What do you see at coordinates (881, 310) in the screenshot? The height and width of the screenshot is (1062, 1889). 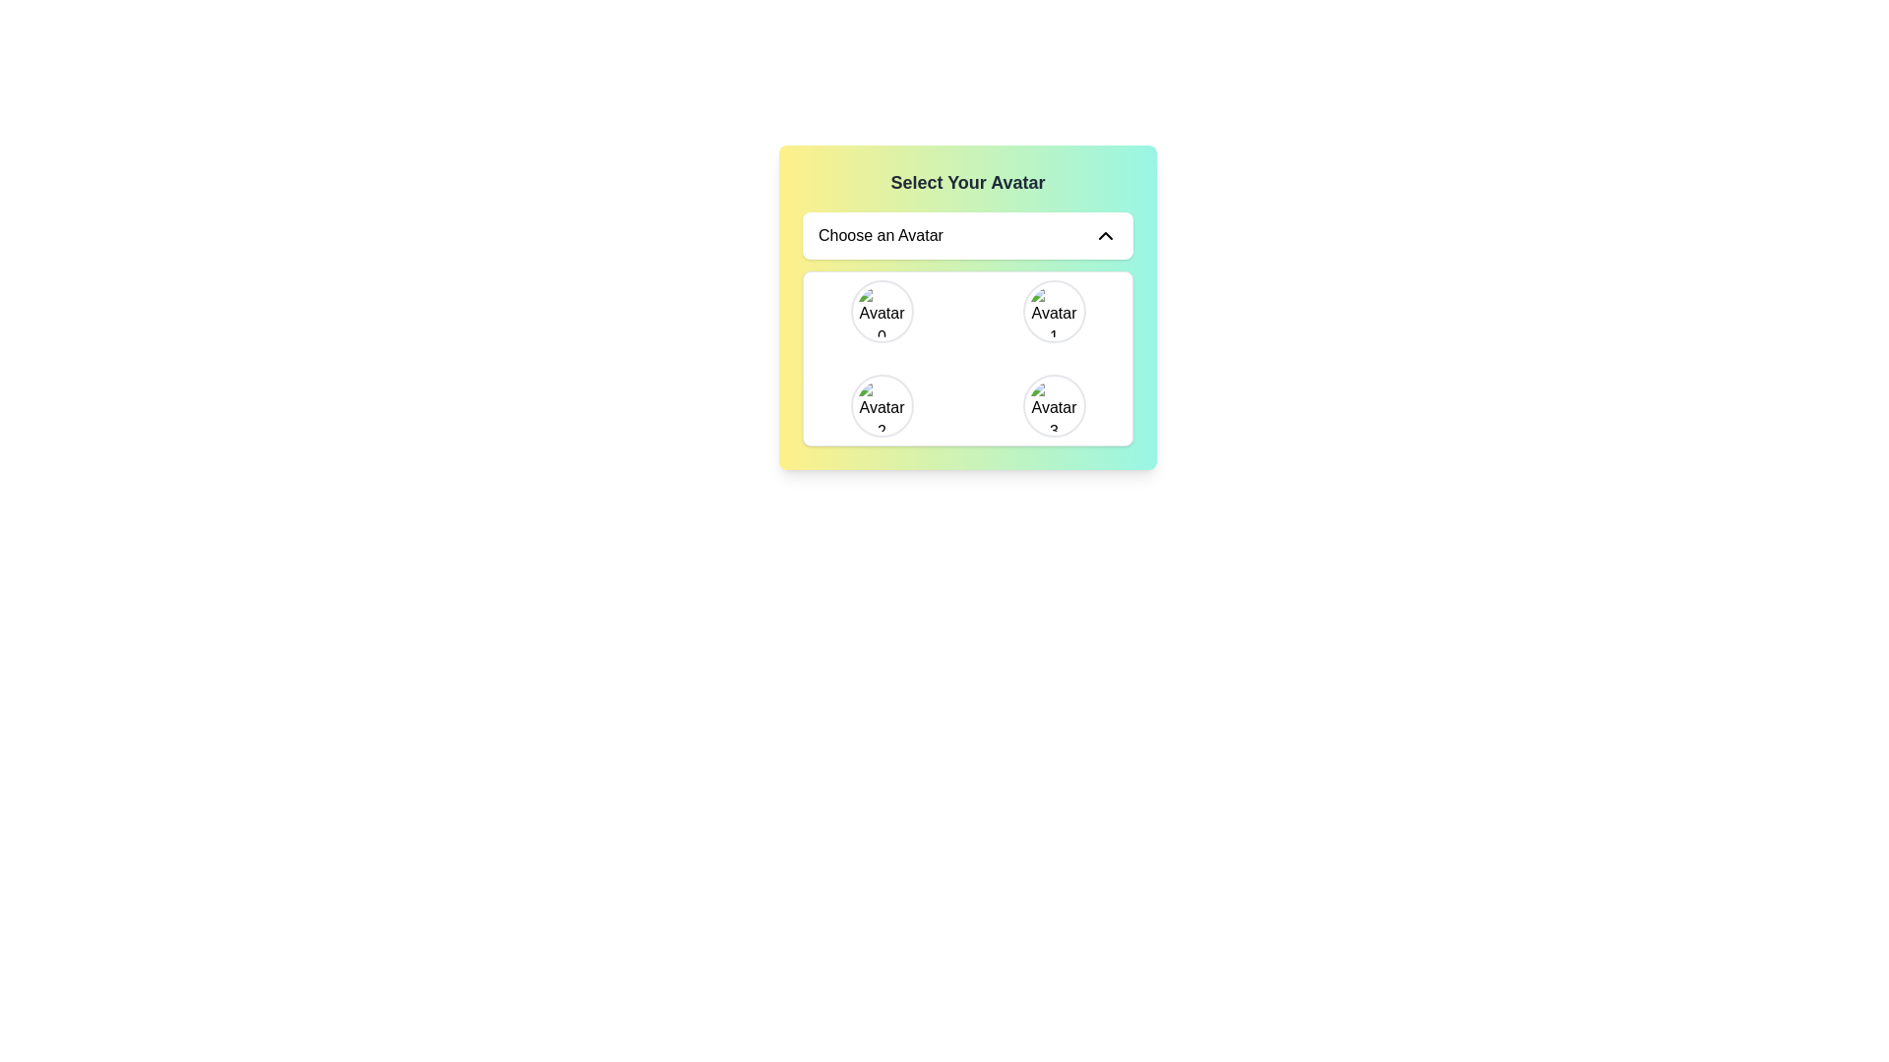 I see `the leftmost avatar labeled 'Avatar 0' in the 2x2 grid below the 'Choose an Avatar' dropdown menu` at bounding box center [881, 310].